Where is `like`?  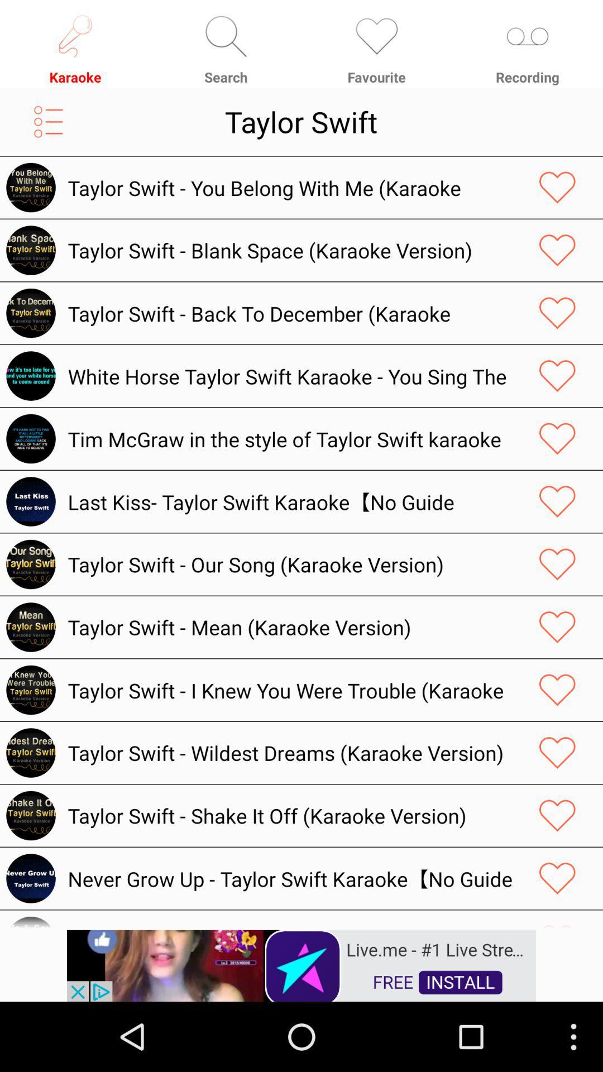 like is located at coordinates (557, 501).